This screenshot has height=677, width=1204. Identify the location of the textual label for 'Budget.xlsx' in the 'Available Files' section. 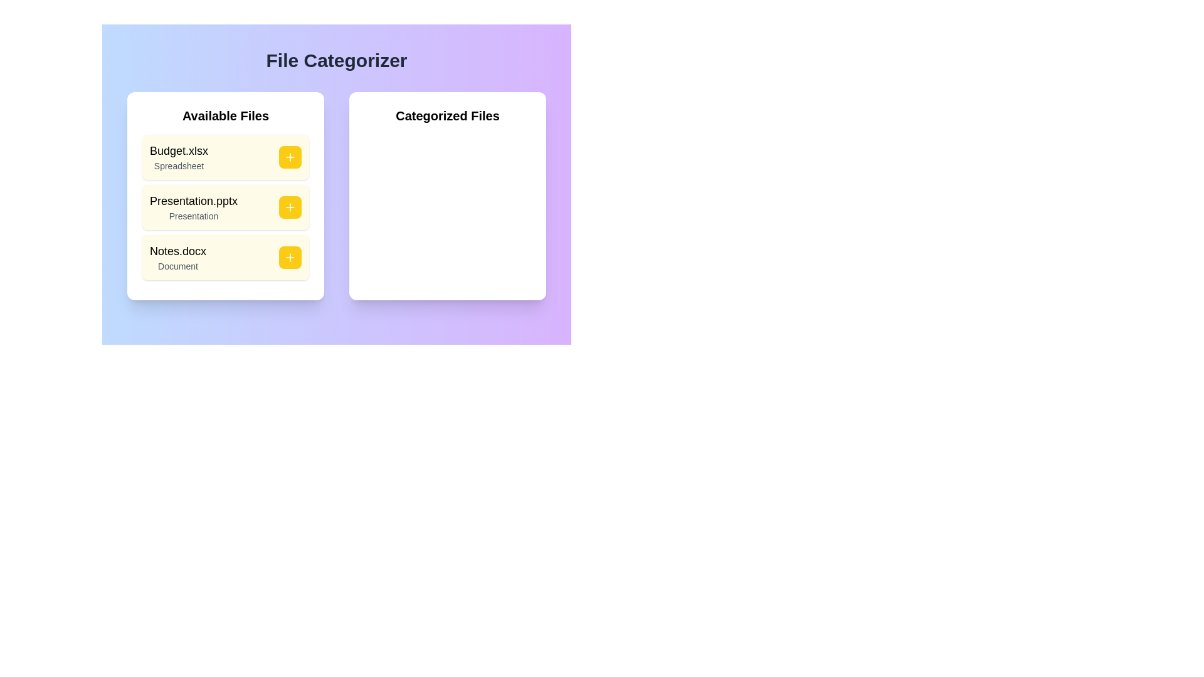
(178, 156).